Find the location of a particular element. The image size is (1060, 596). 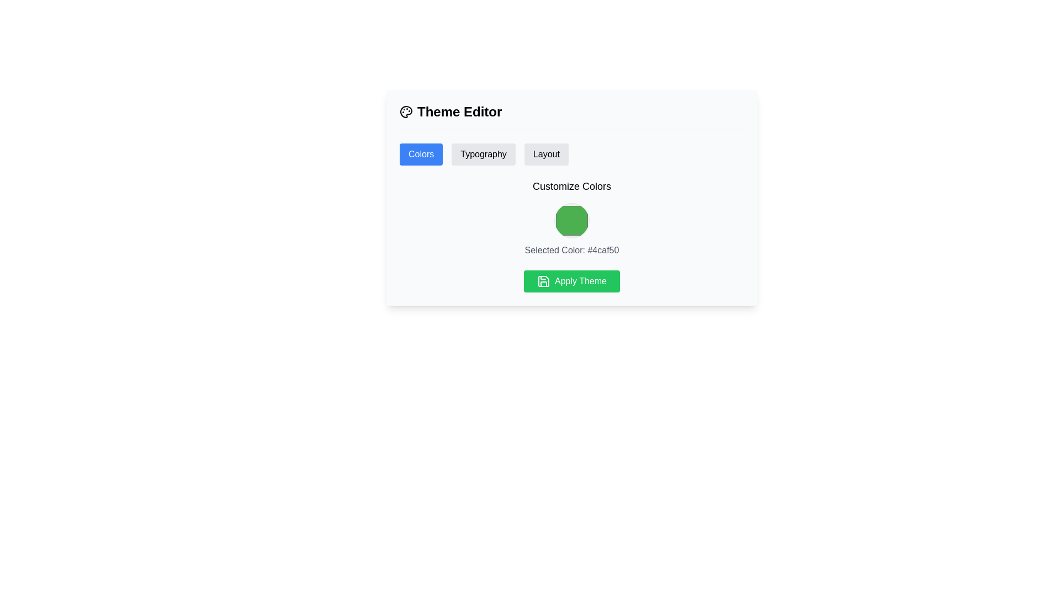

the 'Layout' button, which is a rounded rectangular button with a light gray background, located beneath the 'Theme Editor' header and to the immediate right of the 'Typography' button, to switch to the layout section is located at coordinates (546, 155).